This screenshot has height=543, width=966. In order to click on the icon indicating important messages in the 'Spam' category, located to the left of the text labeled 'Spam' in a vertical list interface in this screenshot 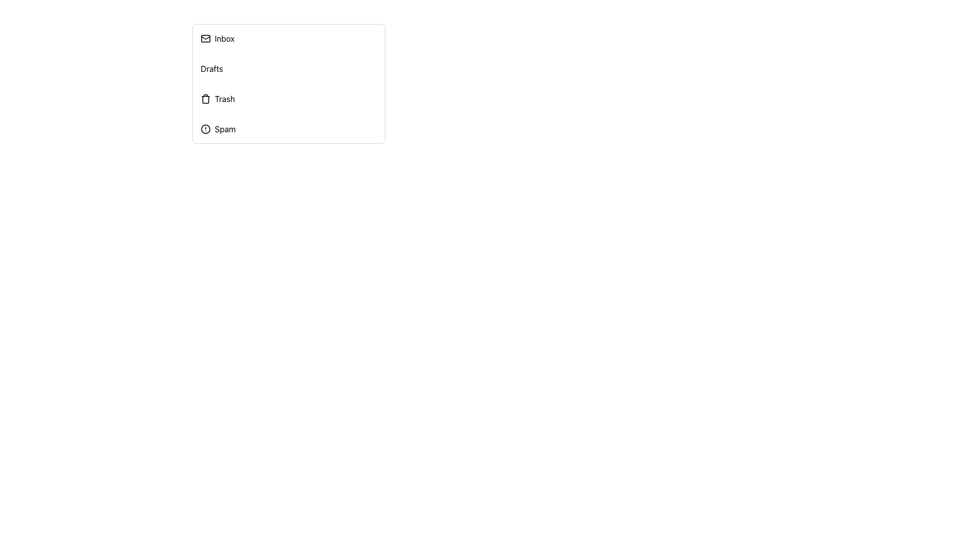, I will do `click(205, 129)`.